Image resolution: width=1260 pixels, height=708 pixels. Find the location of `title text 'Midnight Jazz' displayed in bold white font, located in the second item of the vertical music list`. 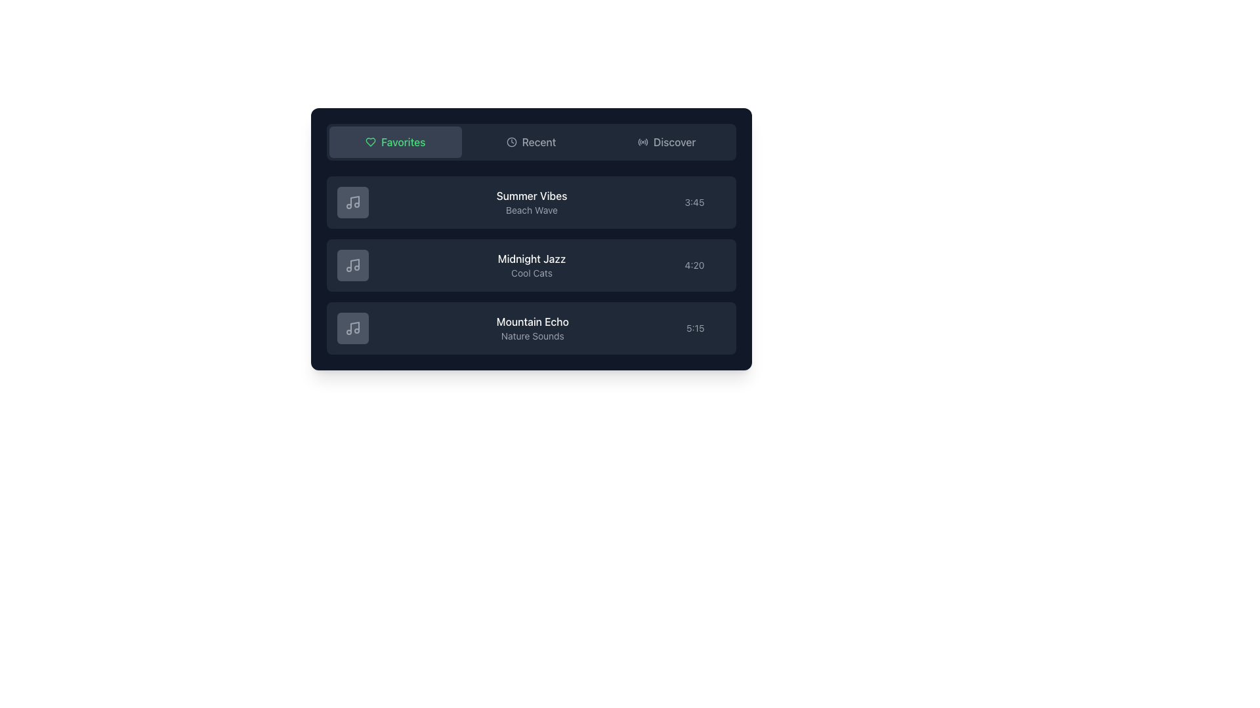

title text 'Midnight Jazz' displayed in bold white font, located in the second item of the vertical music list is located at coordinates (532, 258).